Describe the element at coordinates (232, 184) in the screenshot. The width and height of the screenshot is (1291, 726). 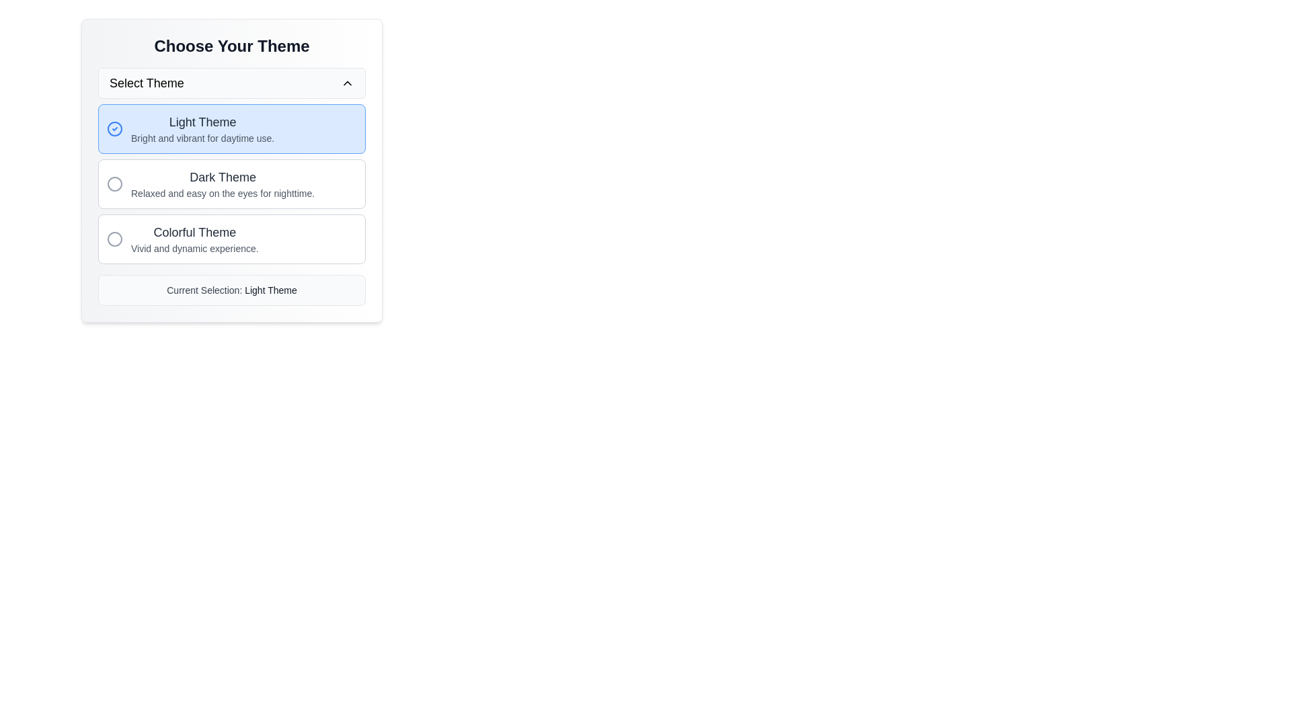
I see `the 'Dark Theme' radio button selection option` at that location.